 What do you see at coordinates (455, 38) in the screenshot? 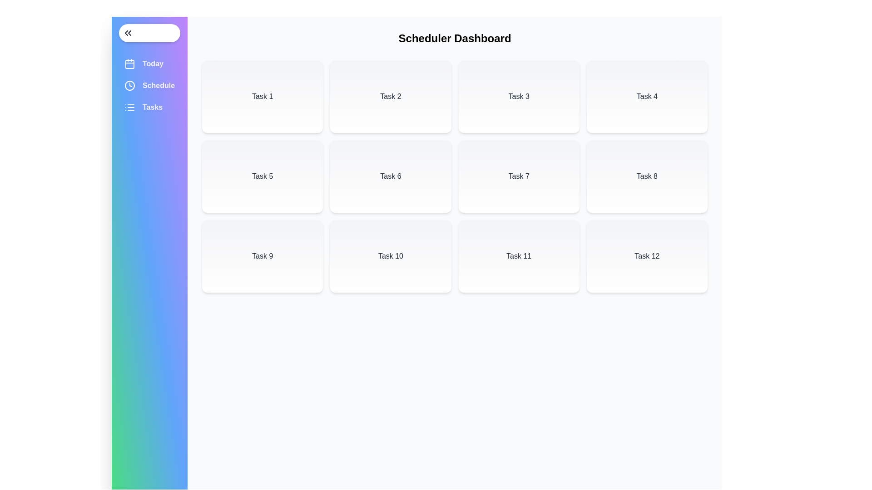
I see `the 'Scheduler Dashboard' title text to focus on it` at bounding box center [455, 38].